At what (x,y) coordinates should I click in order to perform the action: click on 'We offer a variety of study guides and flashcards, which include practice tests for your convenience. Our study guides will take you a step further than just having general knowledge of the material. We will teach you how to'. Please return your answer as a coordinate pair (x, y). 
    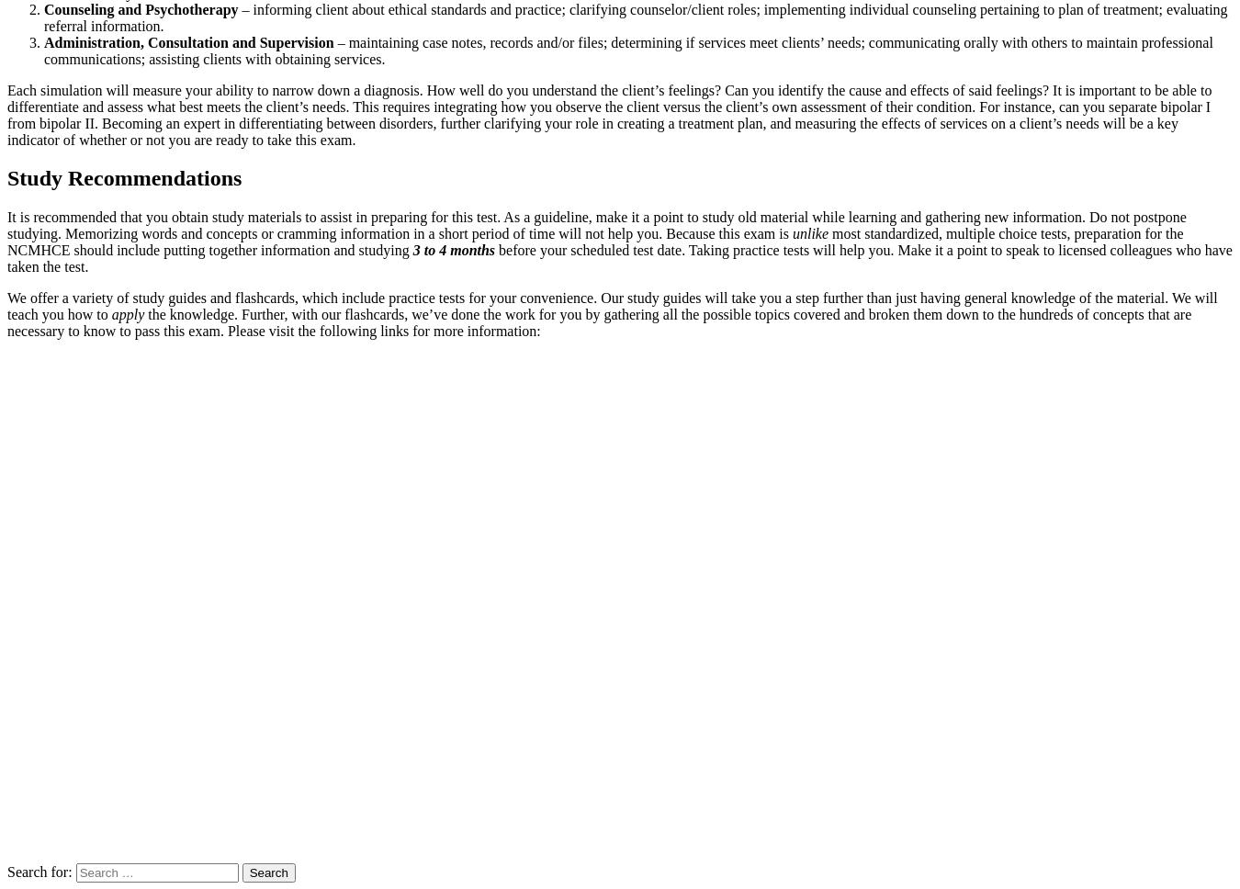
    Looking at the image, I should click on (612, 306).